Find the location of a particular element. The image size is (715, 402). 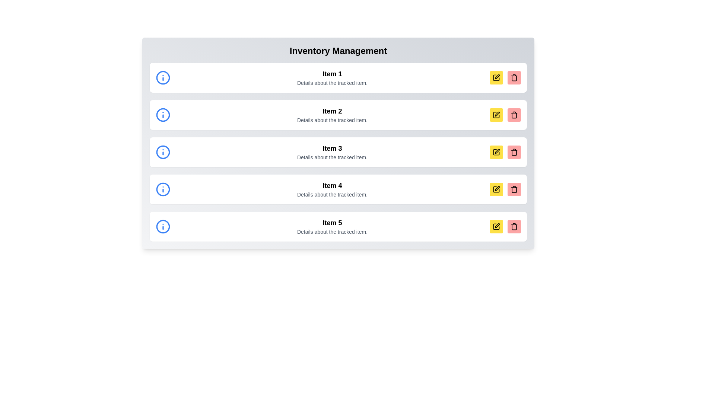

the Text block that displays a header and additional details for an item in the inventory management list, positioned as the second entry in the vertical list under 'Inventory Management' is located at coordinates (332, 115).